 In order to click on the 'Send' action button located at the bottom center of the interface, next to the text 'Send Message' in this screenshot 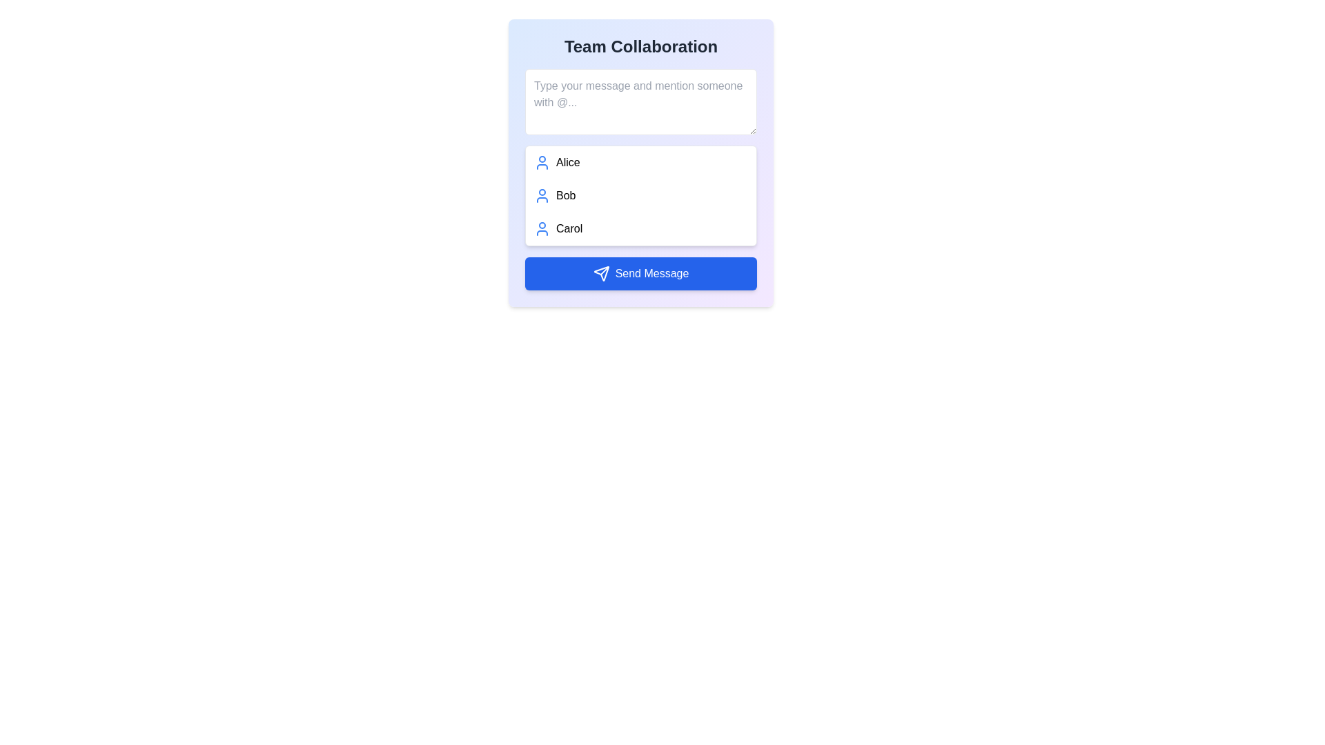, I will do `click(601, 274)`.